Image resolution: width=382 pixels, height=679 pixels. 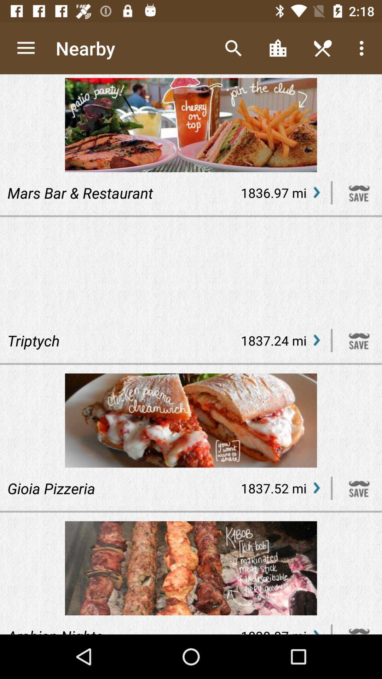 What do you see at coordinates (359, 341) in the screenshot?
I see `saves the recipe` at bounding box center [359, 341].